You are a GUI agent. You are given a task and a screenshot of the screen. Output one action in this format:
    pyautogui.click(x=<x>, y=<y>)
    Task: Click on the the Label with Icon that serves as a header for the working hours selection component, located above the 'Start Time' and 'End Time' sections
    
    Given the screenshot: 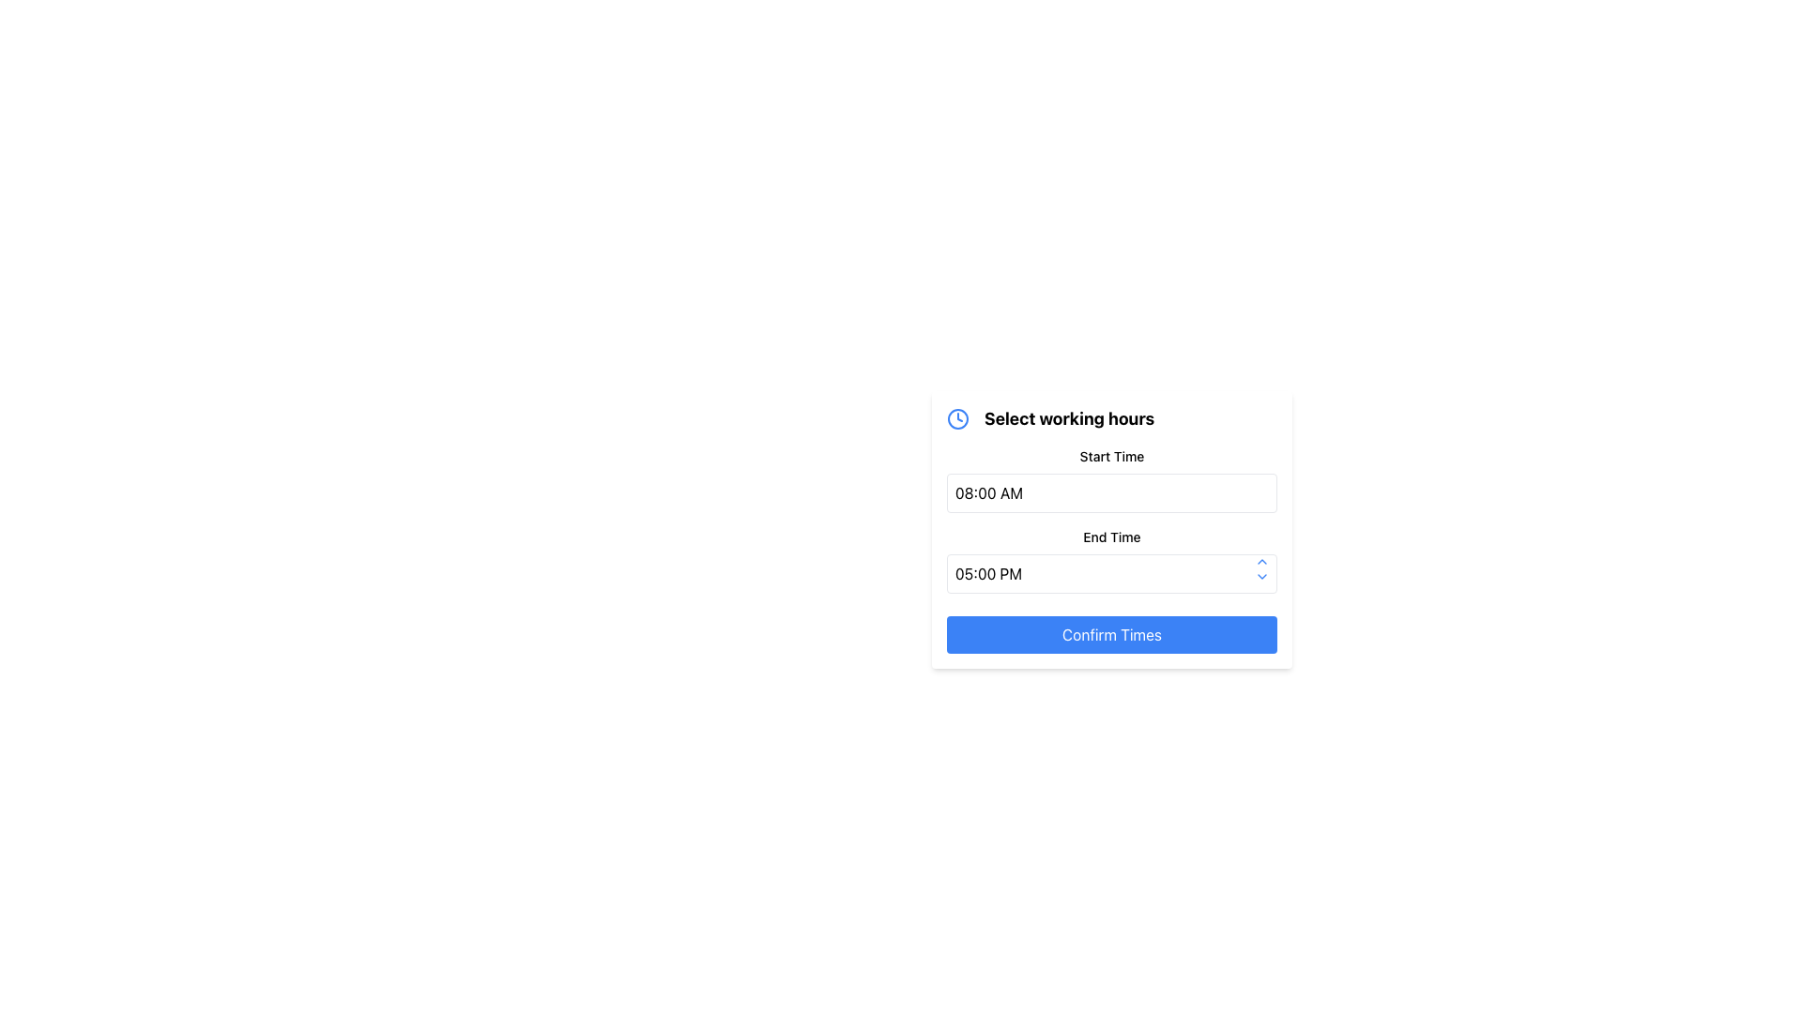 What is the action you would take?
    pyautogui.click(x=1112, y=418)
    